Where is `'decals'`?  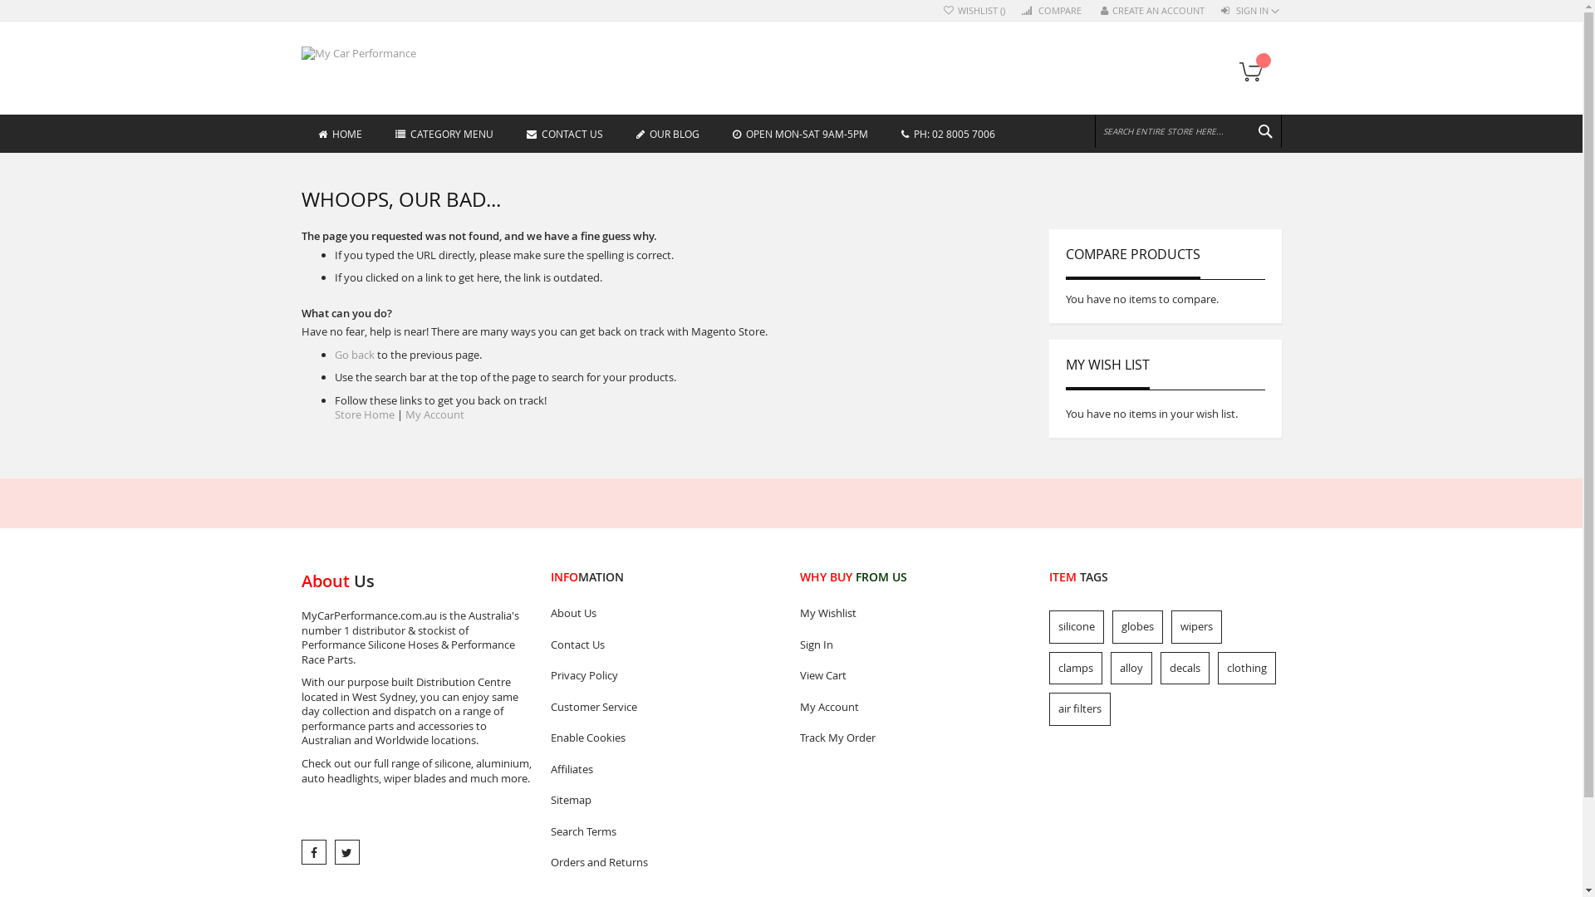 'decals' is located at coordinates (1183, 666).